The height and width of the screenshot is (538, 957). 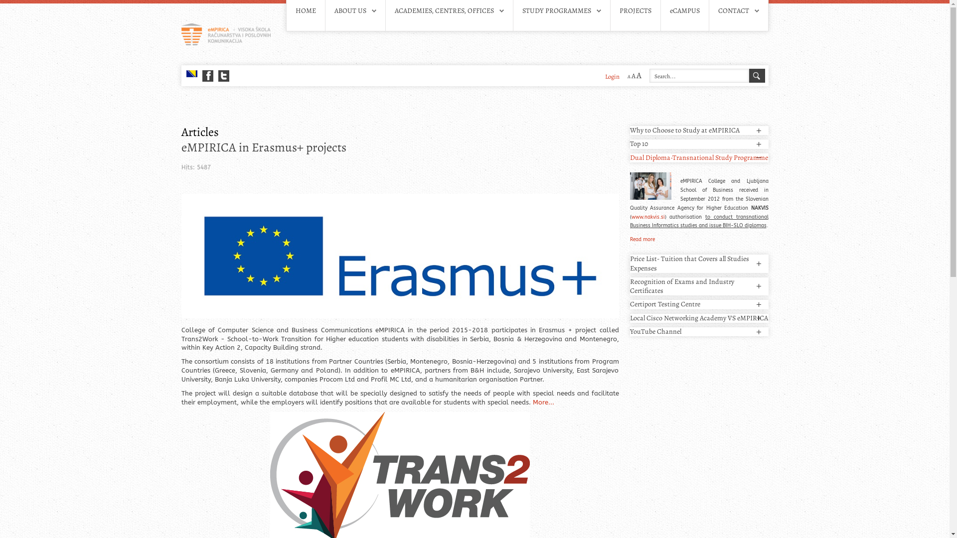 What do you see at coordinates (562, 11) in the screenshot?
I see `'STUDY PROGRAMMES'` at bounding box center [562, 11].